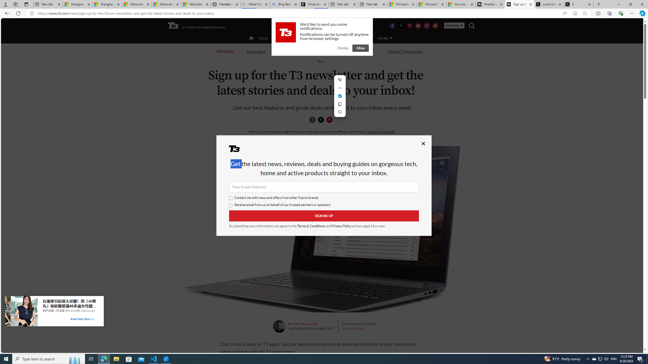  Describe the element at coordinates (471, 25) in the screenshot. I see `'Class: navigation__search'` at that location.